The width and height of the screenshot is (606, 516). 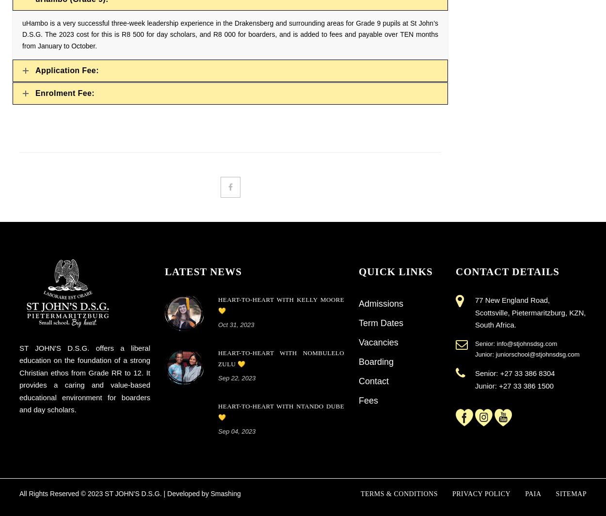 I want to click on 'Admissions', so click(x=381, y=303).